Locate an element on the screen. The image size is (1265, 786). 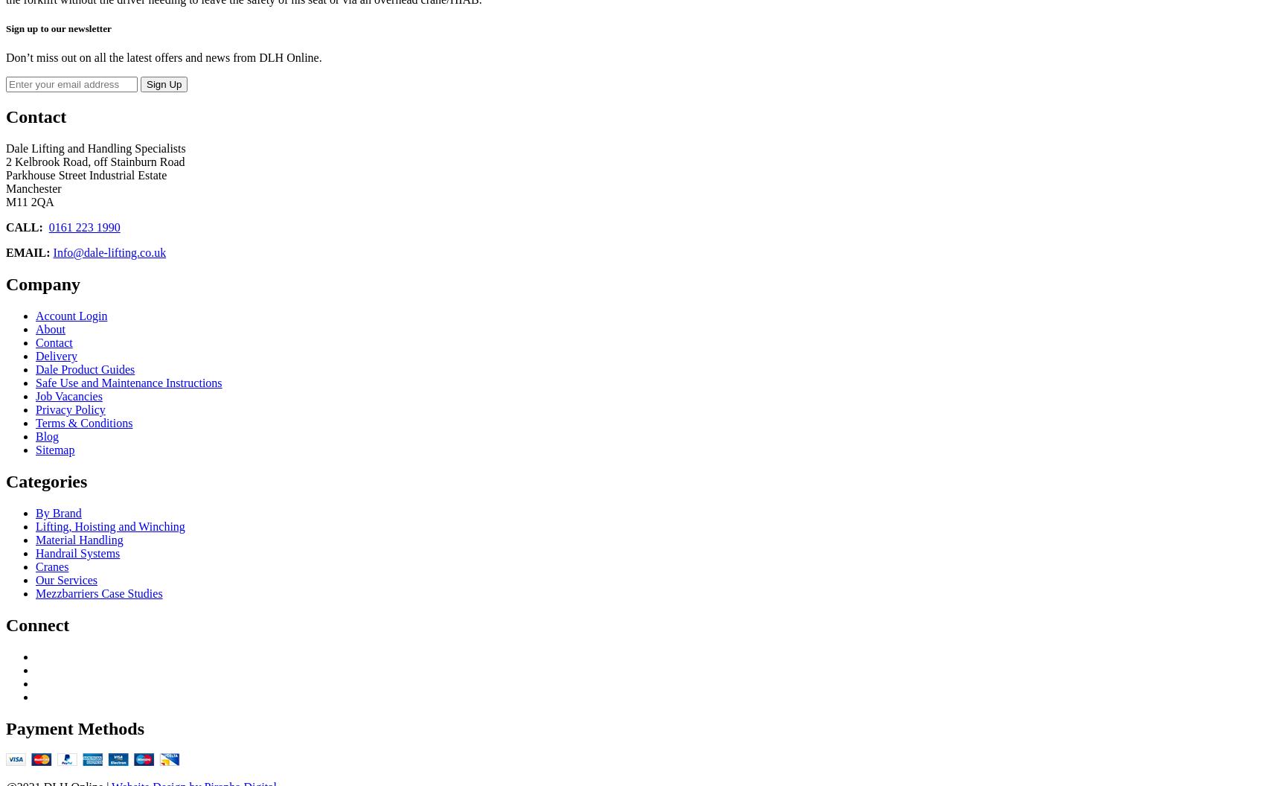
'Blog' is located at coordinates (47, 436).